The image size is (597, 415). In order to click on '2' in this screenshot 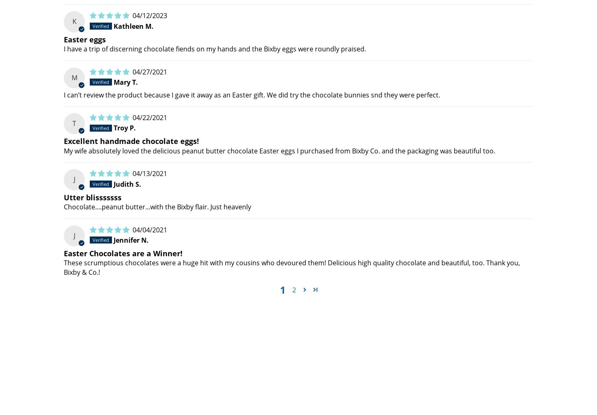, I will do `click(293, 290)`.